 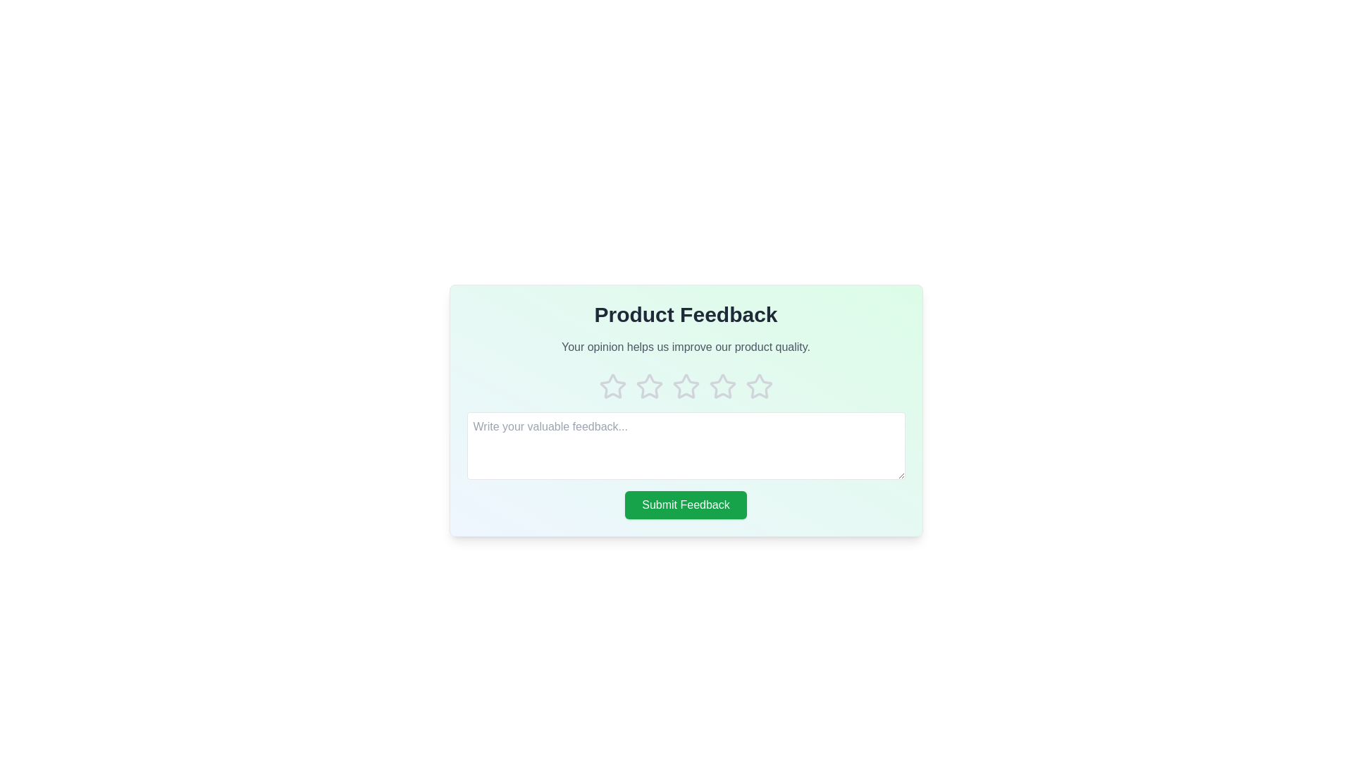 I want to click on the fifth star icon in the rating widget, so click(x=758, y=385).